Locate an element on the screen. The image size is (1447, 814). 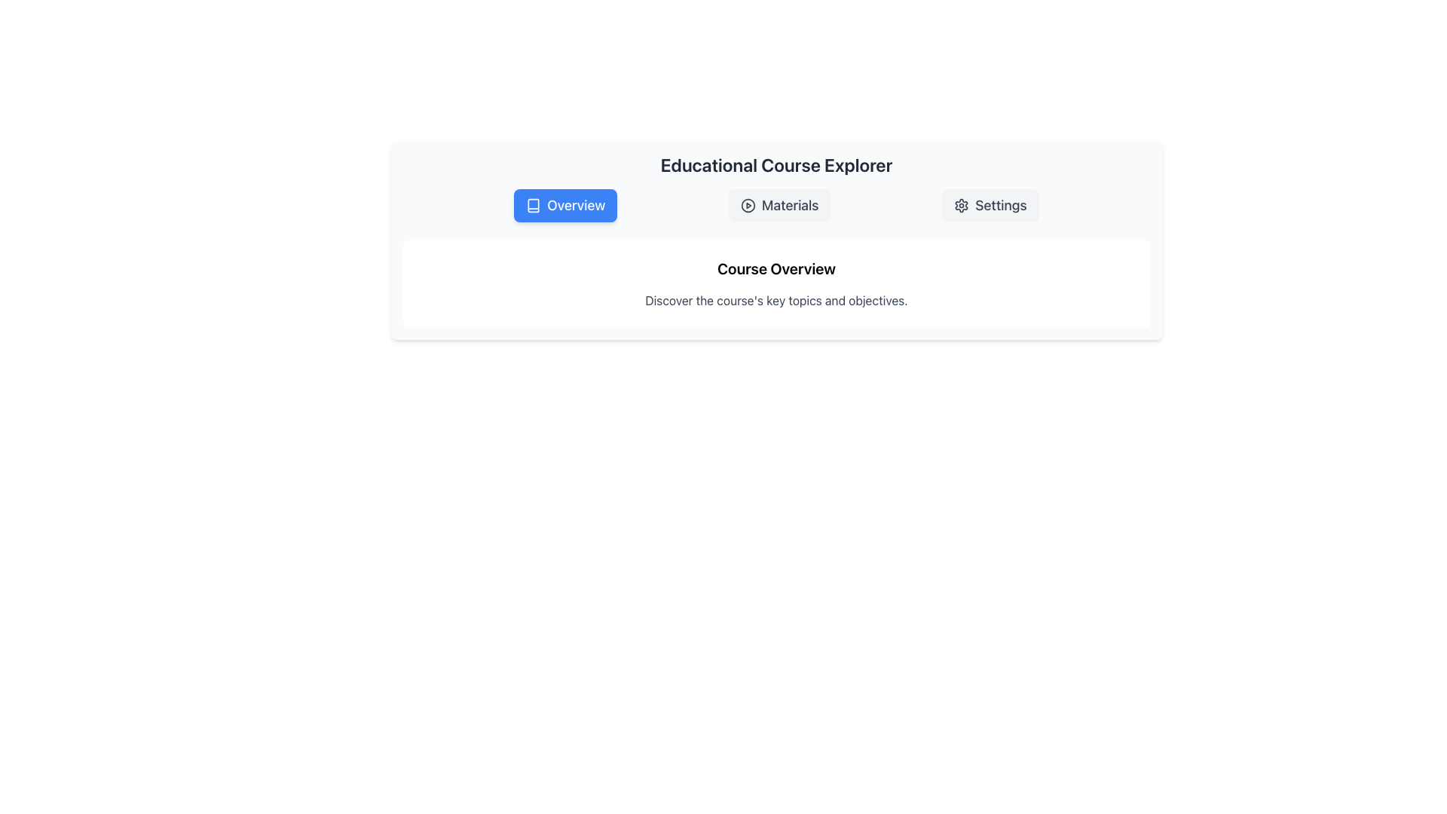
the gear icon in the top-right section of the UI is located at coordinates (961, 206).